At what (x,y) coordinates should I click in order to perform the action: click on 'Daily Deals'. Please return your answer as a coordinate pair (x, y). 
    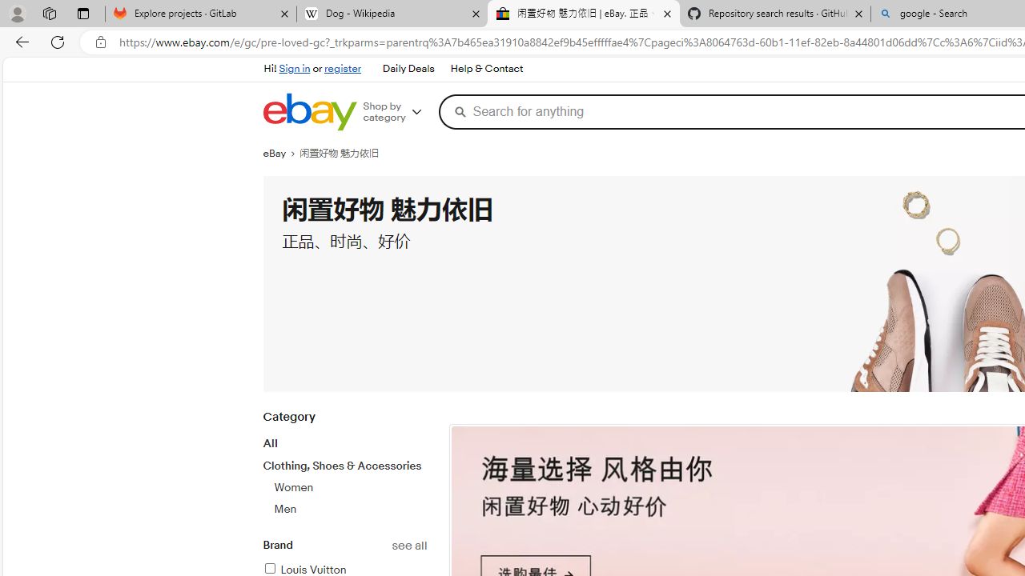
    Looking at the image, I should click on (408, 69).